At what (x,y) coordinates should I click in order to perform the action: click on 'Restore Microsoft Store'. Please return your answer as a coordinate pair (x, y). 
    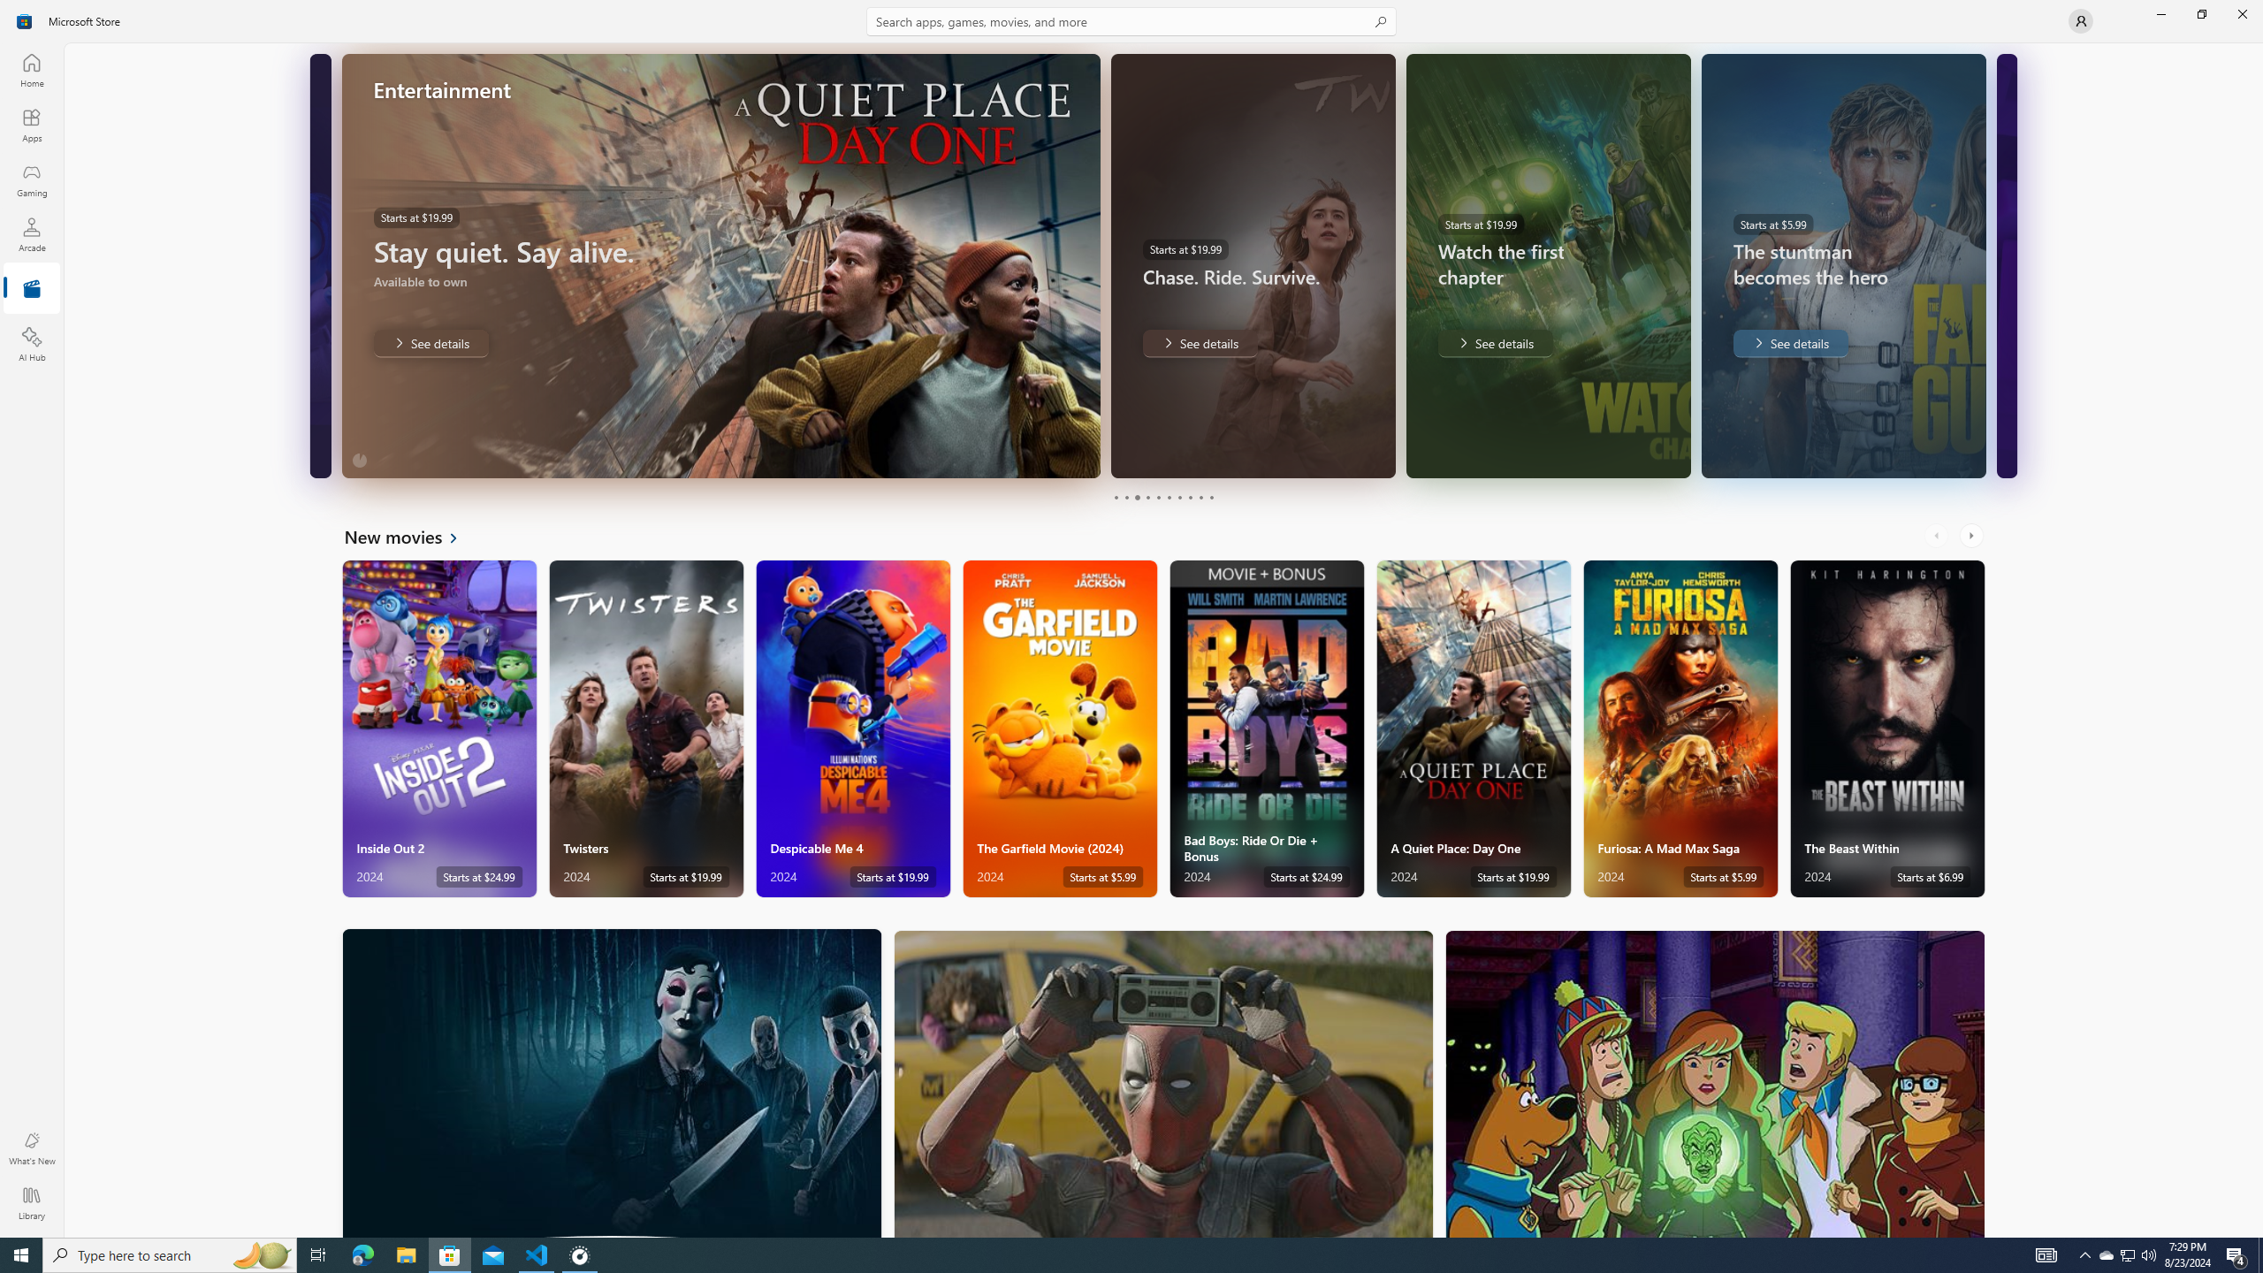
    Looking at the image, I should click on (2201, 13).